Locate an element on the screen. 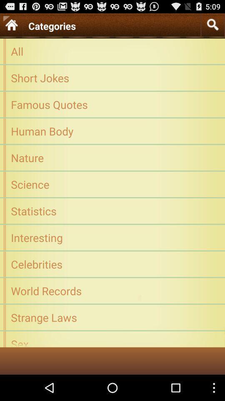 This screenshot has width=225, height=401. go home is located at coordinates (11, 24).